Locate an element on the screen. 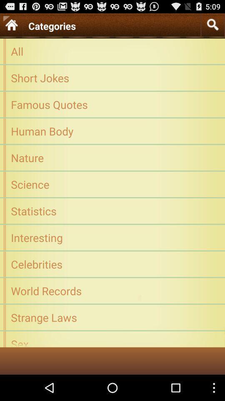 This screenshot has width=225, height=401. go home is located at coordinates (11, 24).